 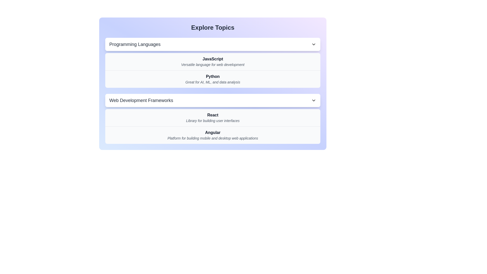 I want to click on the text element displaying 'React', which is styled with bold and italic formatting, so click(x=213, y=117).